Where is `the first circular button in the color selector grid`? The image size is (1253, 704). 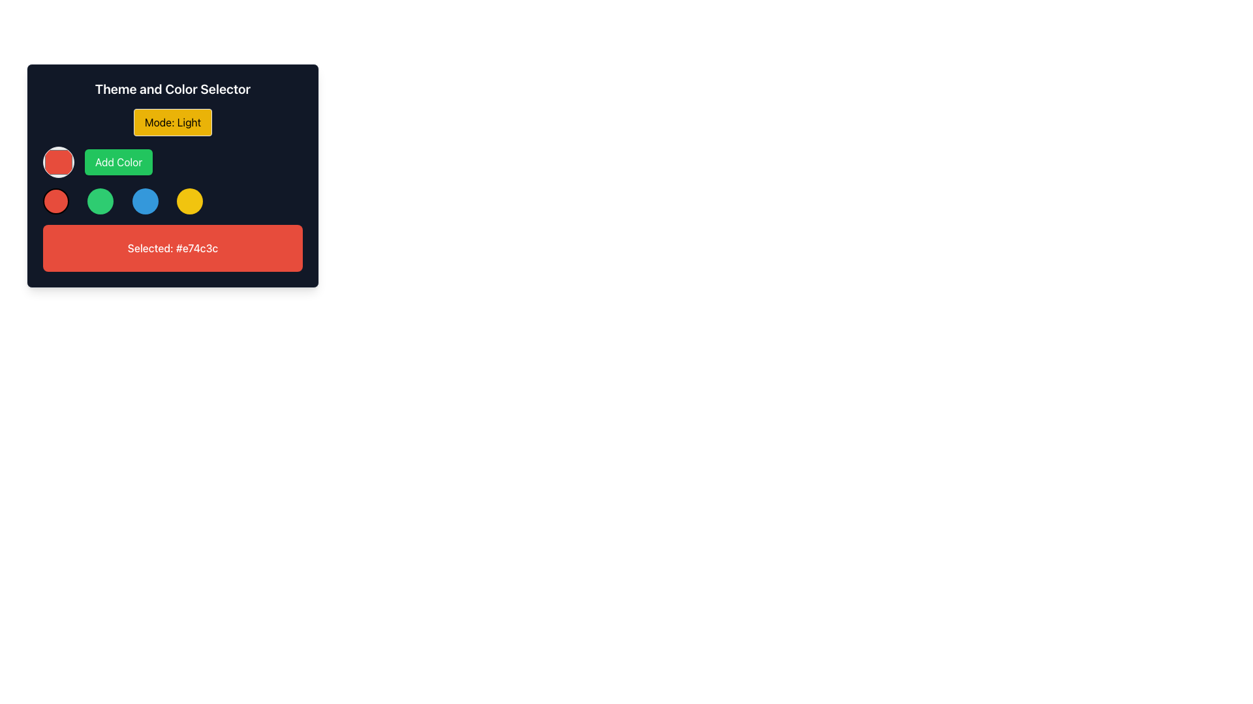 the first circular button in the color selector grid is located at coordinates (55, 201).